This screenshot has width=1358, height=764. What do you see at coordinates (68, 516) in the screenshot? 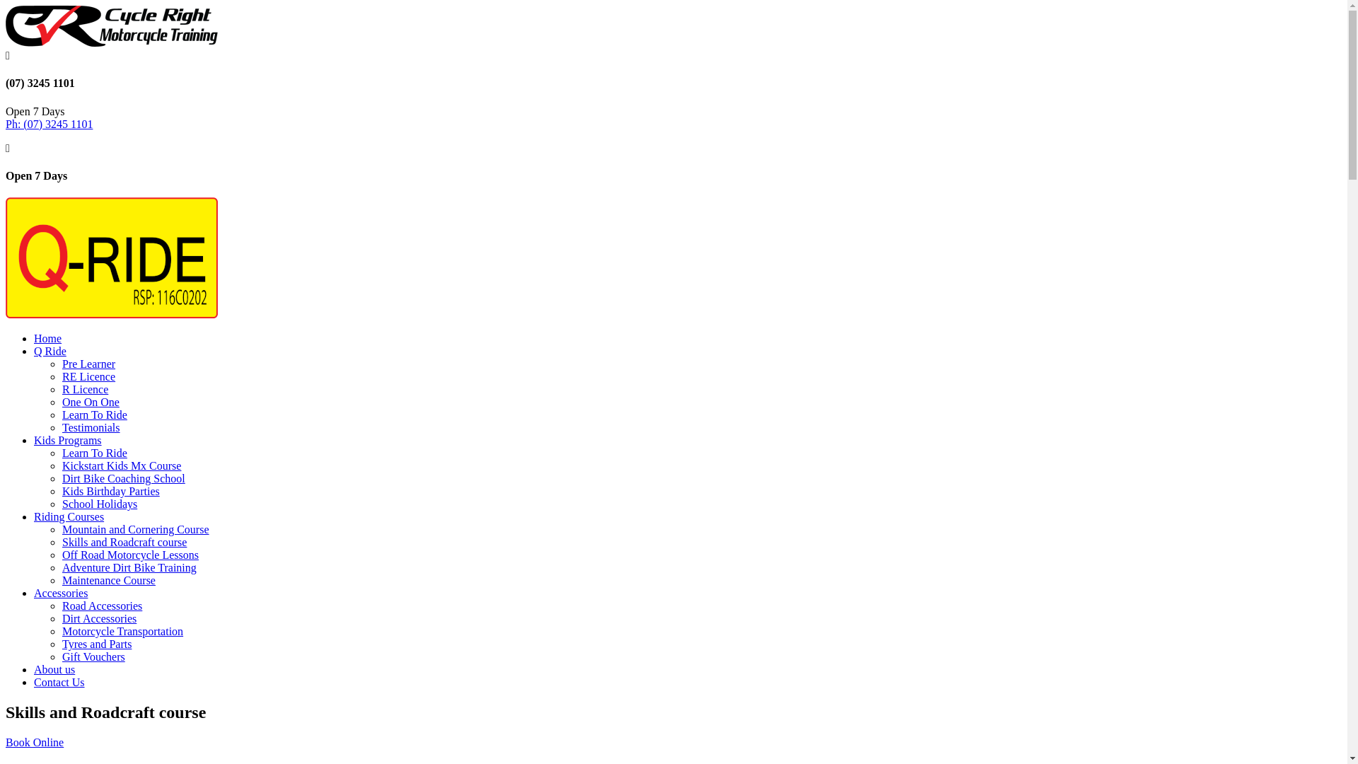
I see `'Riding Courses'` at bounding box center [68, 516].